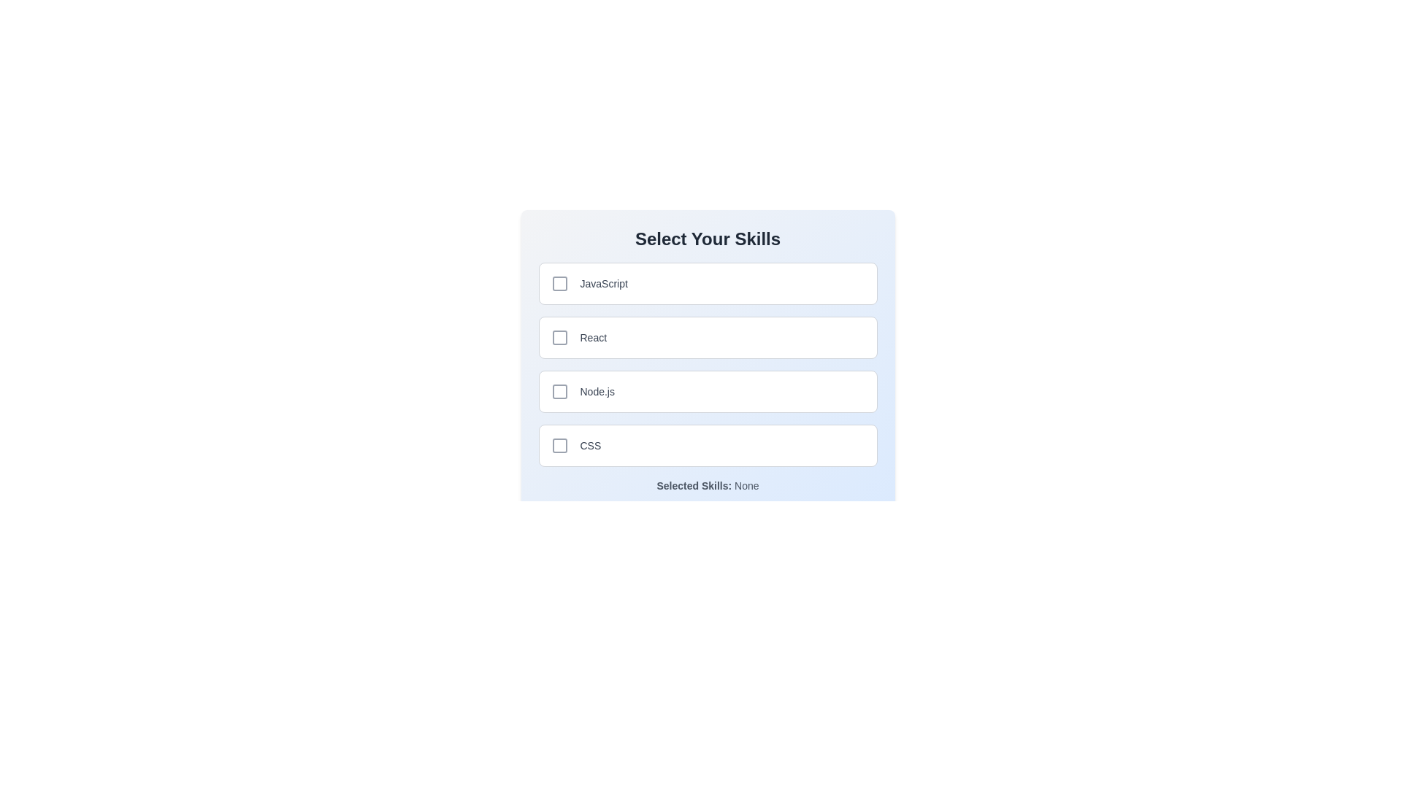  What do you see at coordinates (559, 337) in the screenshot?
I see `the checkbox for selecting the 'React' skill, which is the second checkbox in the skill selection list` at bounding box center [559, 337].